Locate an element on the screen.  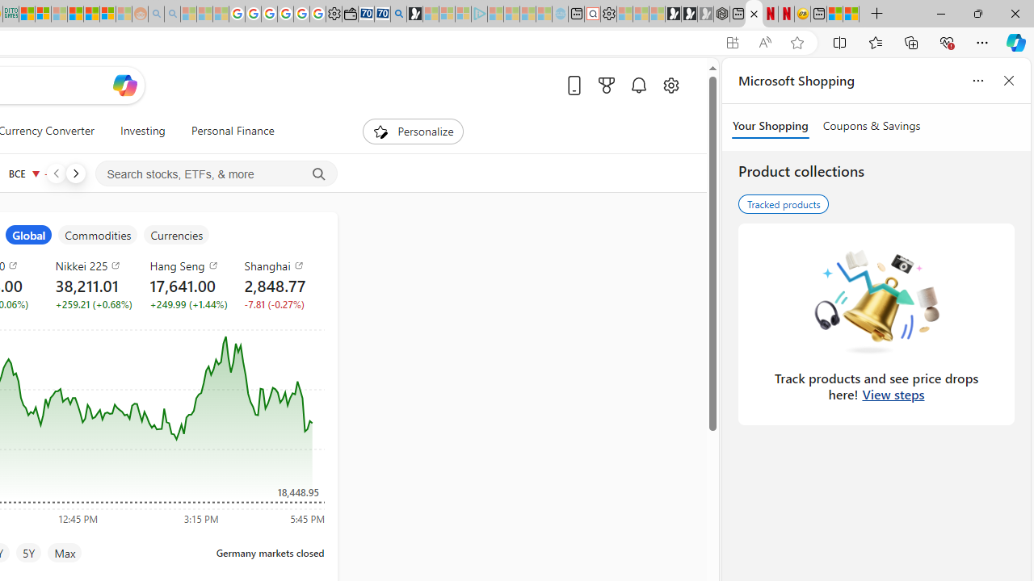
'Play Free Online Games | Games from Microsoft Start' is located at coordinates (673, 14).